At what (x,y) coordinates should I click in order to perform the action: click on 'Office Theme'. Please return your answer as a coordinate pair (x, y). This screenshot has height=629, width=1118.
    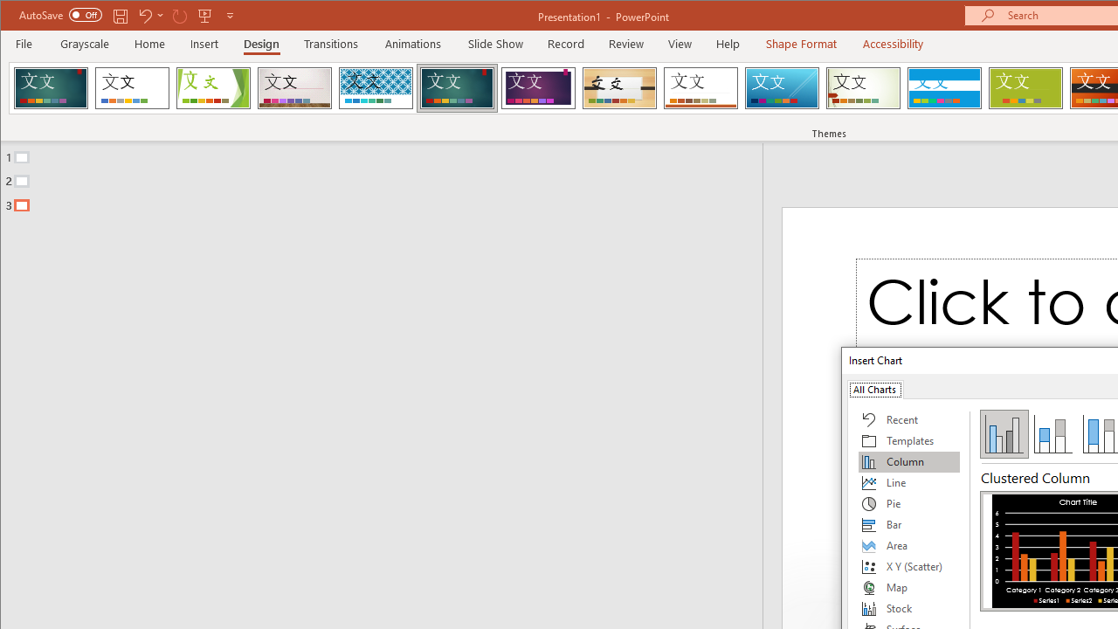
    Looking at the image, I should click on (131, 87).